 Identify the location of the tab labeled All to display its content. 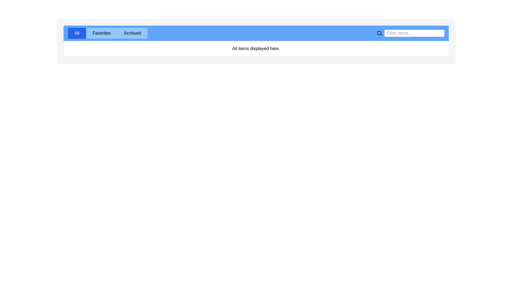
(76, 33).